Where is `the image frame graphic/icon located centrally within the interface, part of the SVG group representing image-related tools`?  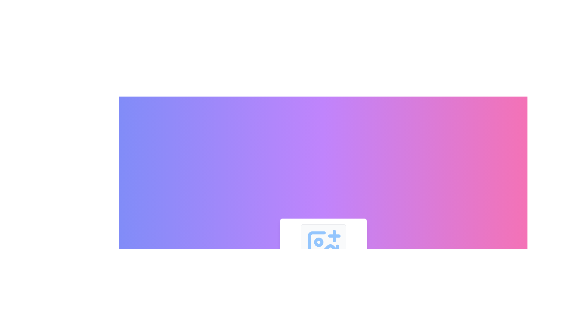
the image frame graphic/icon located centrally within the interface, part of the SVG group representing image-related tools is located at coordinates (323, 247).